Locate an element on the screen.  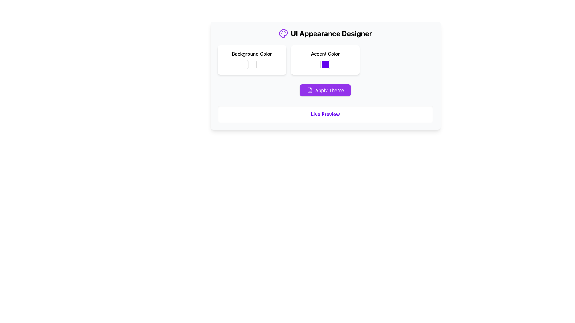
the 'UI Appearance Designer' header, which is a bold, large-font title located at the top of the card interface, accompanied by a purple palette icon on the left is located at coordinates (325, 33).